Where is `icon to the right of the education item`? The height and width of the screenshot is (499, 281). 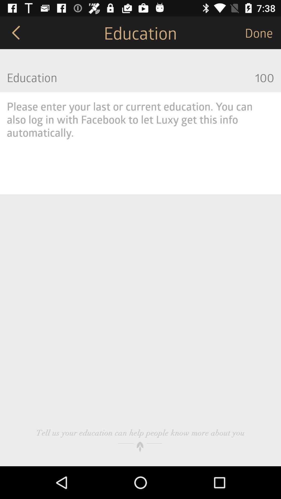 icon to the right of the education item is located at coordinates (263, 32).